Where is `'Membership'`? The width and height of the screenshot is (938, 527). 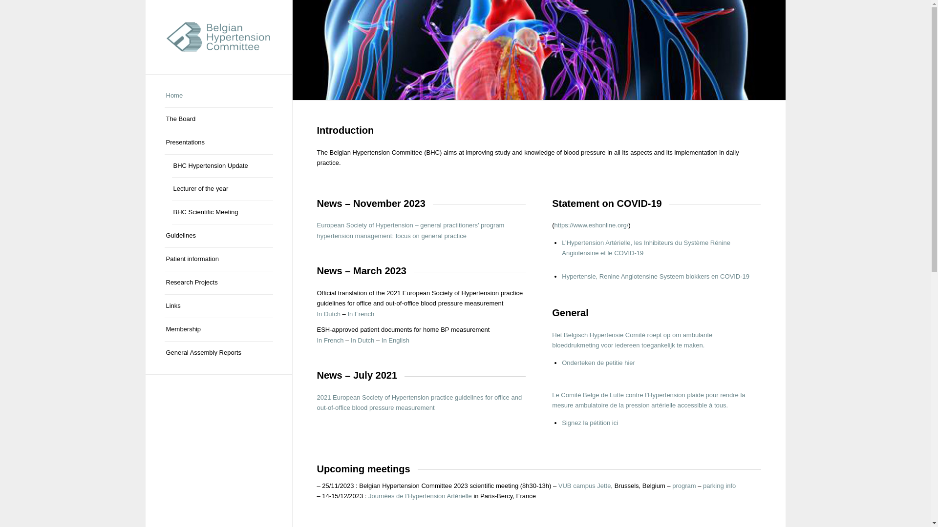
'Membership' is located at coordinates (217, 329).